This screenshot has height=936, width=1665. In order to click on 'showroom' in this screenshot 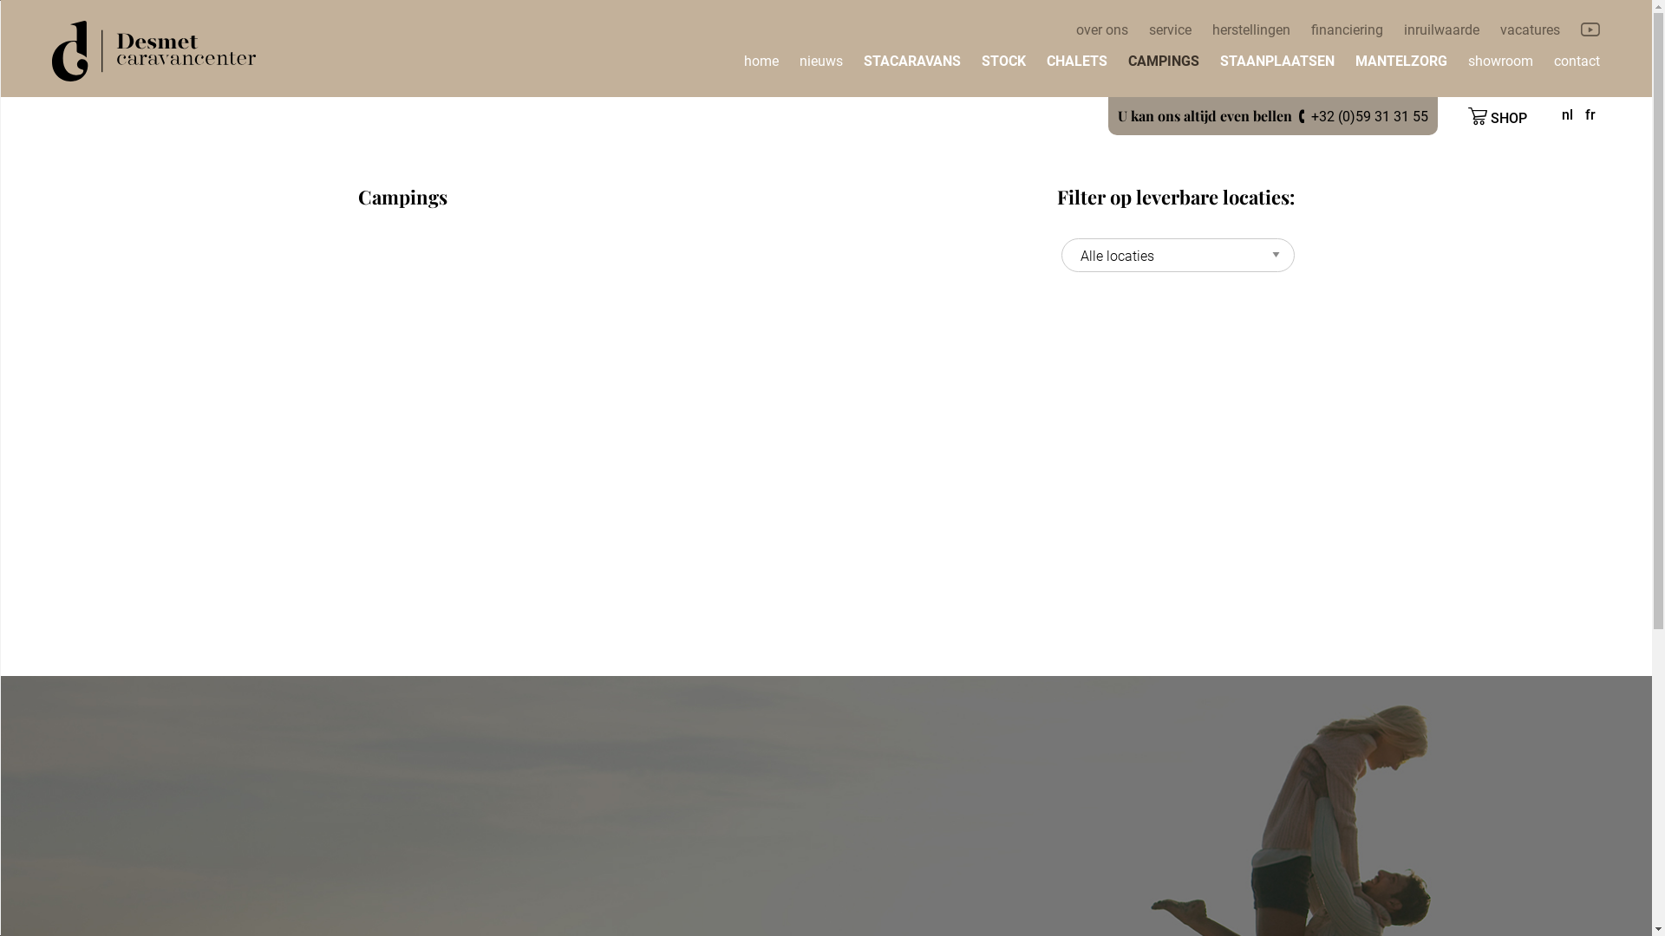, I will do `click(1499, 60)`.